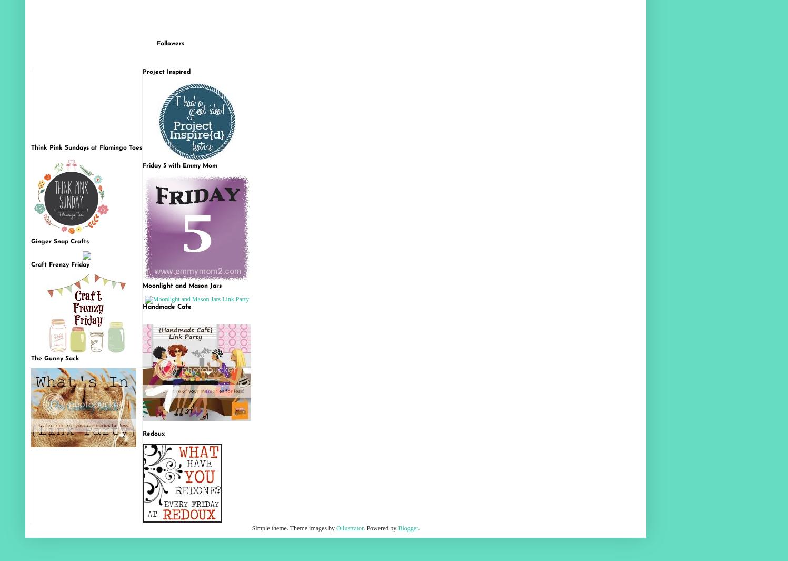 This screenshot has width=788, height=561. What do you see at coordinates (182, 286) in the screenshot?
I see `'Moonlight and Mason Jars'` at bounding box center [182, 286].